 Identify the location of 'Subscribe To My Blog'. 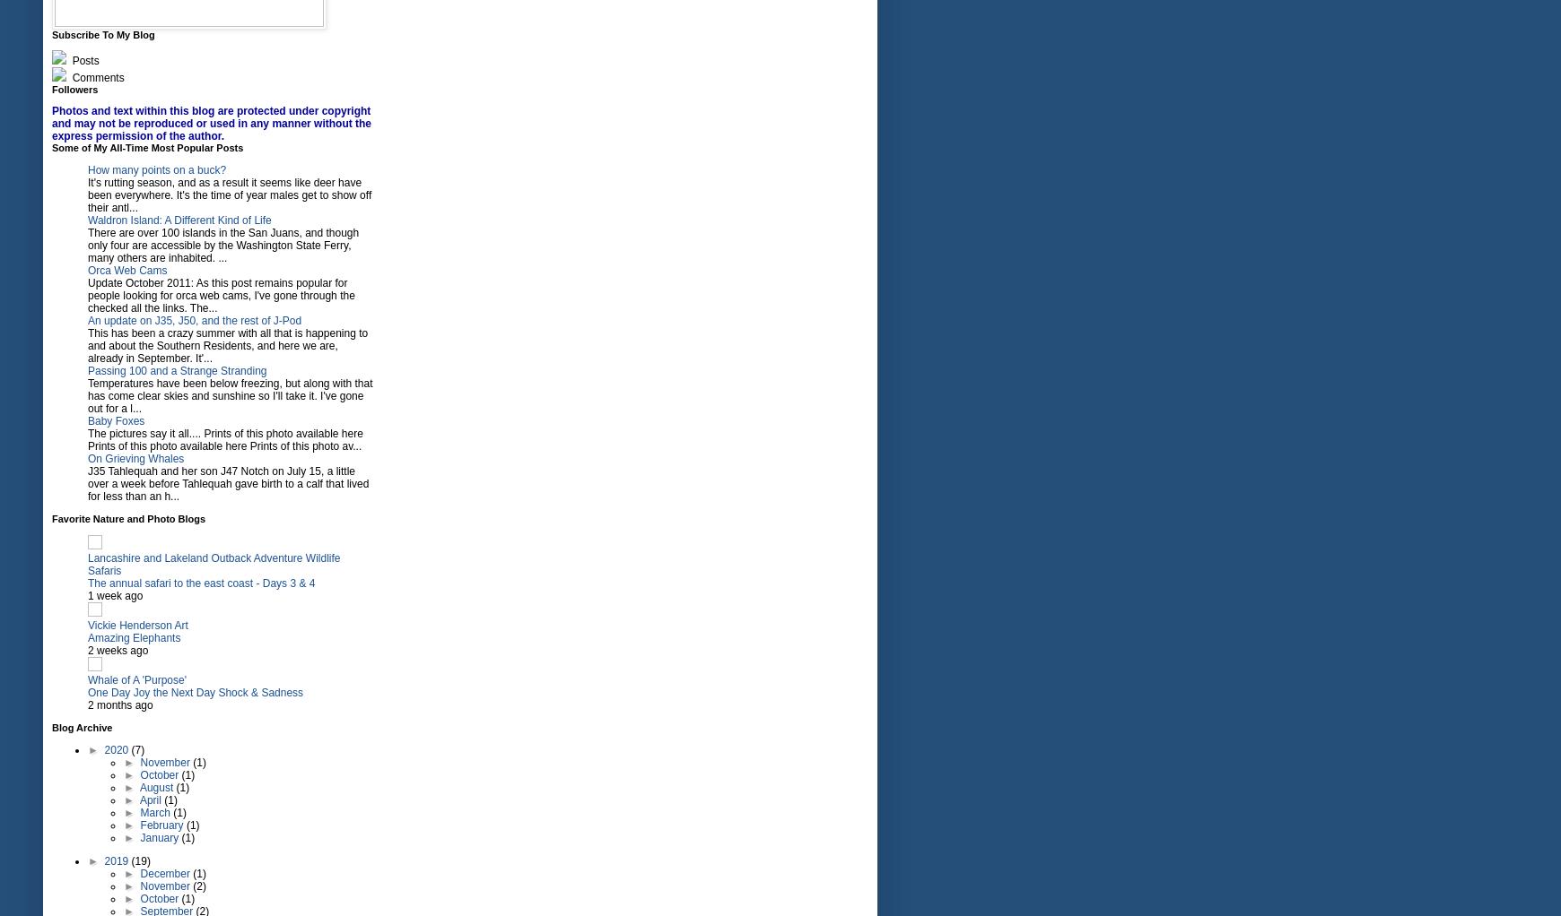
(102, 35).